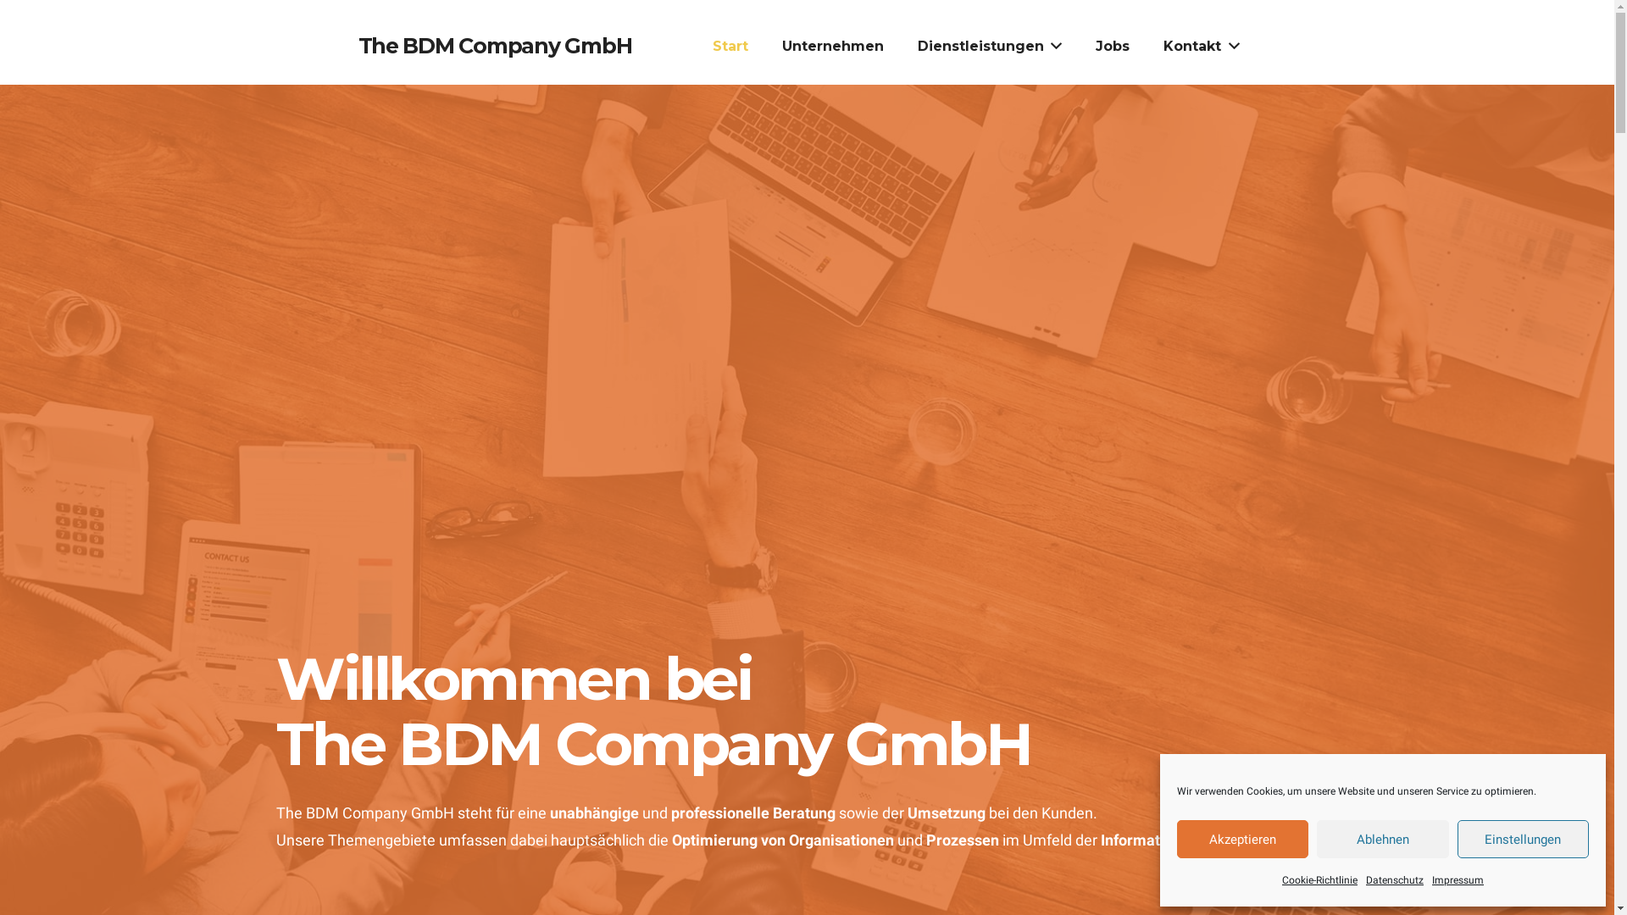  What do you see at coordinates (899, 45) in the screenshot?
I see `'Dienstleistungen'` at bounding box center [899, 45].